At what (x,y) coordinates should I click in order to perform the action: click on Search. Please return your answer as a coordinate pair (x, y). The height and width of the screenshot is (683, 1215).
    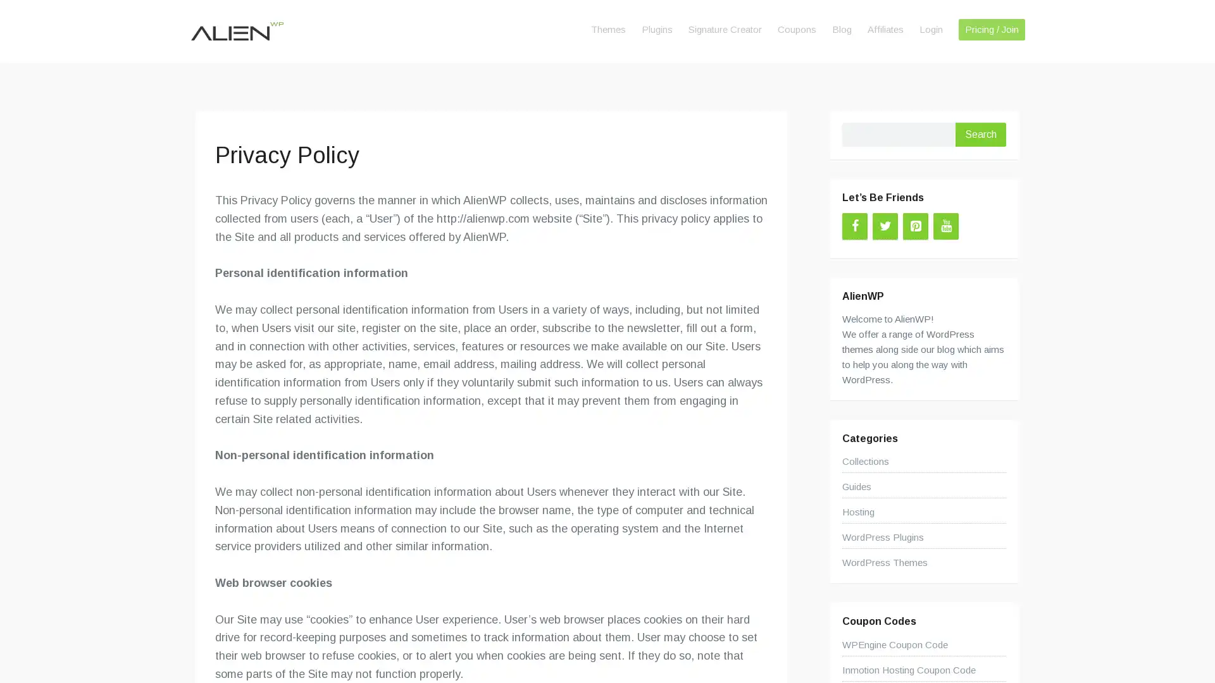
    Looking at the image, I should click on (980, 134).